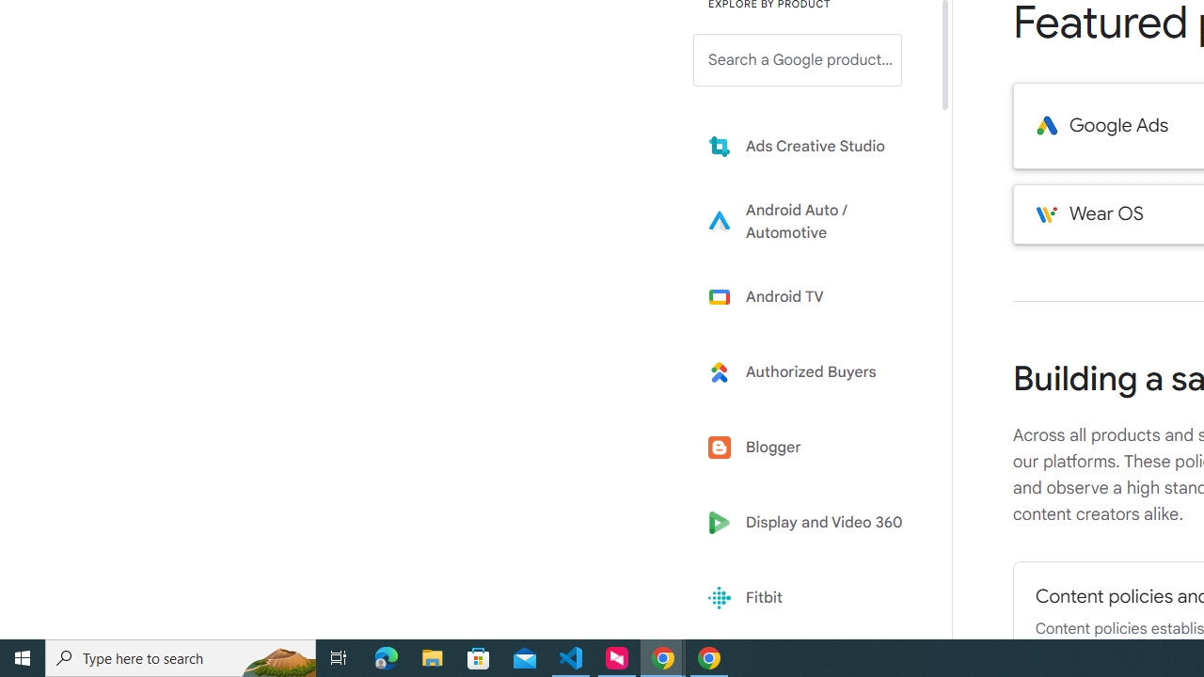 The width and height of the screenshot is (1204, 677). I want to click on 'Learn more about Android Auto', so click(811, 220).